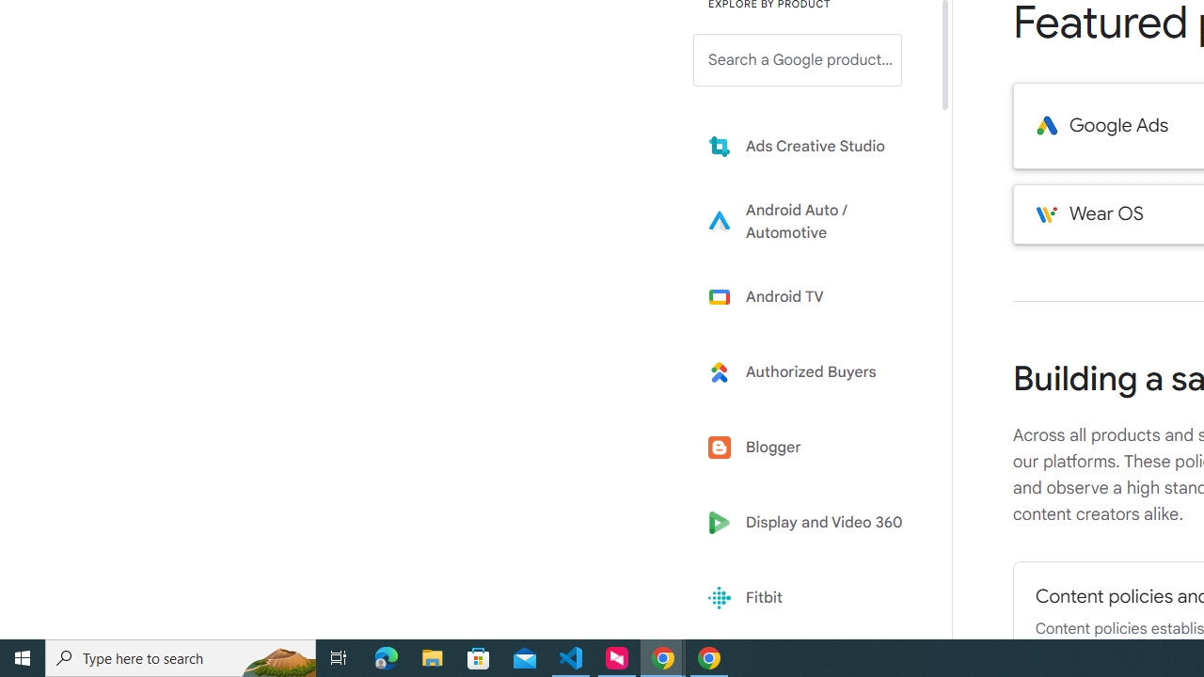 The width and height of the screenshot is (1204, 677). I want to click on 'Learn more about Android Auto', so click(811, 220).